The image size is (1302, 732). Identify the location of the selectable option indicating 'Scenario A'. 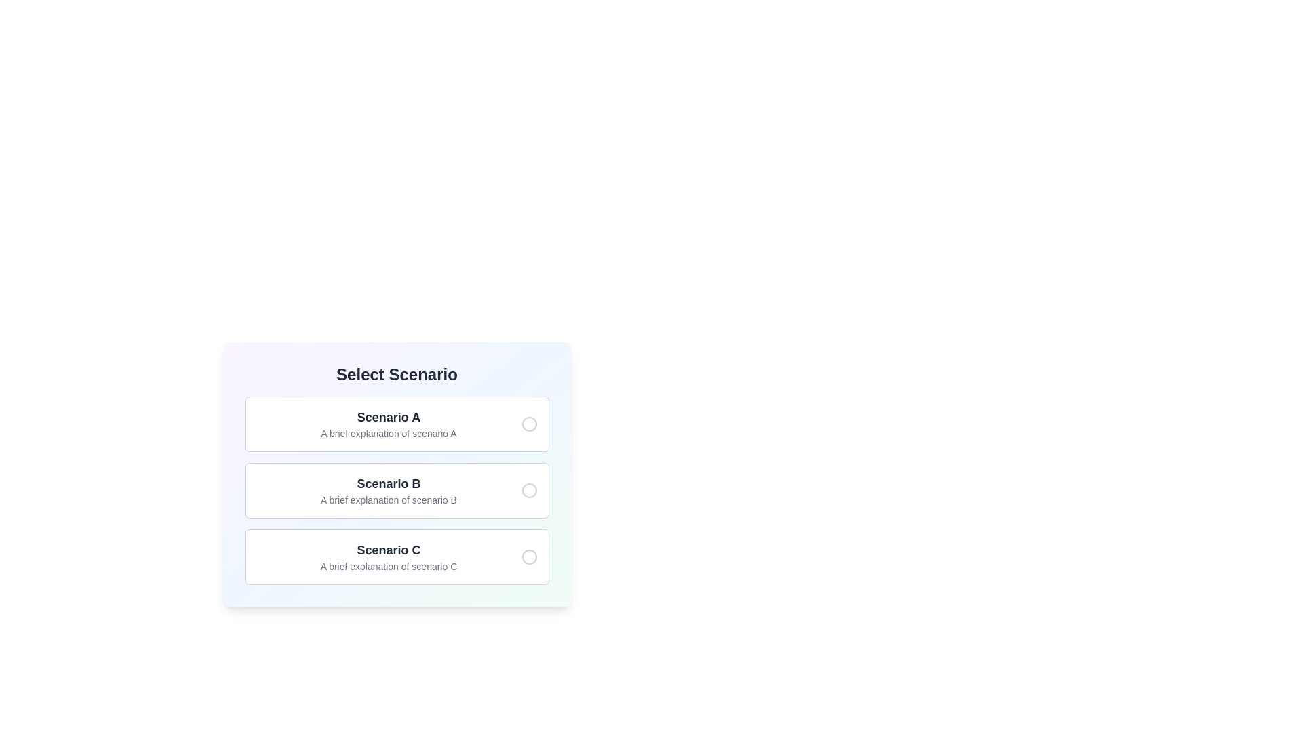
(396, 423).